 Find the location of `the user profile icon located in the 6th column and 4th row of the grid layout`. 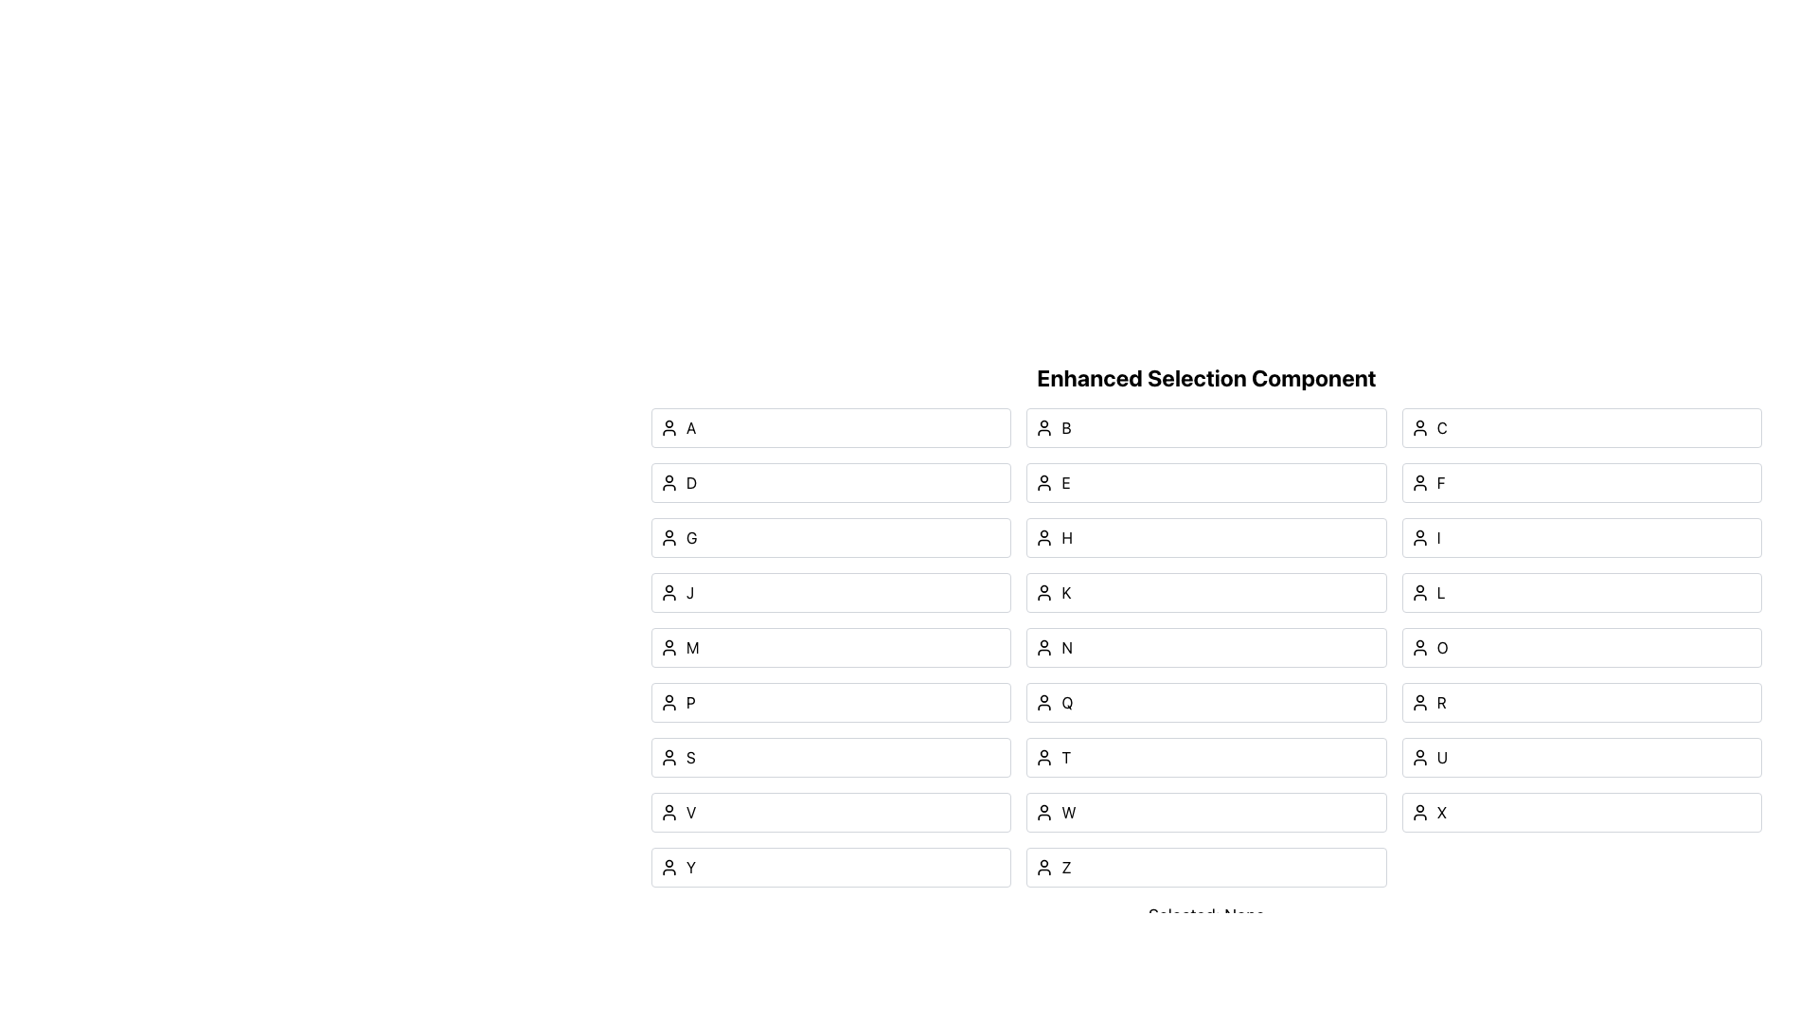

the user profile icon located in the 6th column and 4th row of the grid layout is located at coordinates (1043, 756).